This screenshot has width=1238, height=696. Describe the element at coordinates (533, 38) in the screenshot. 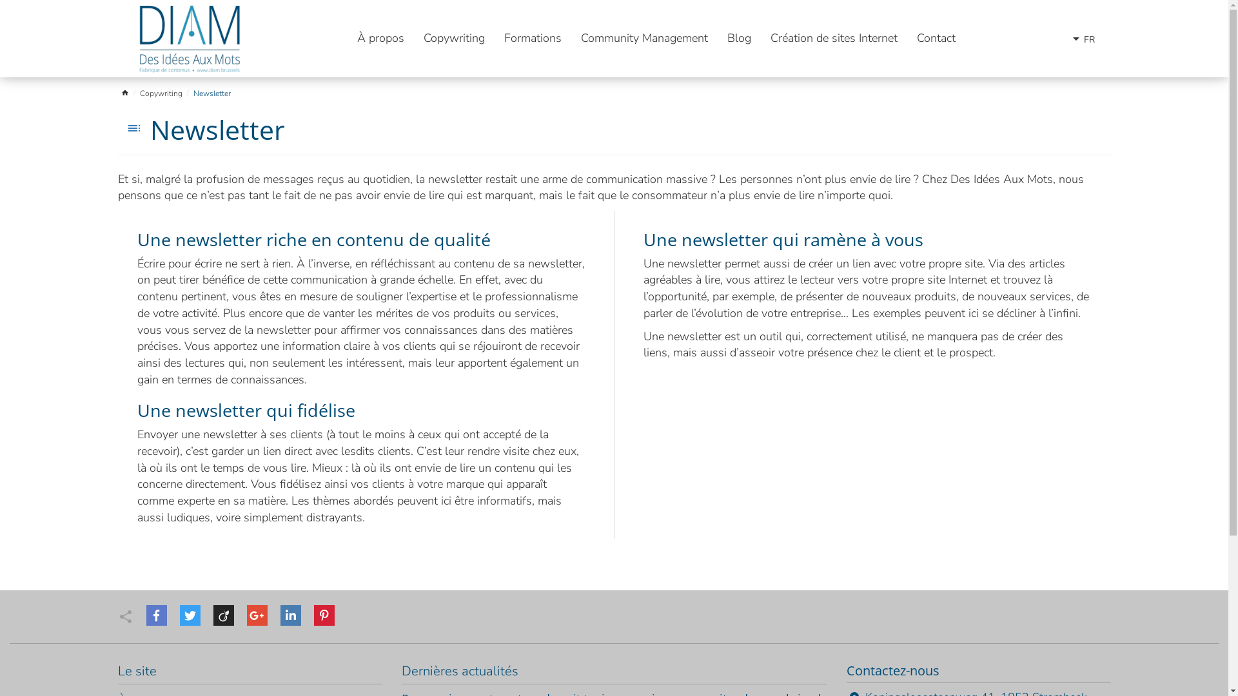

I see `'Formations'` at that location.